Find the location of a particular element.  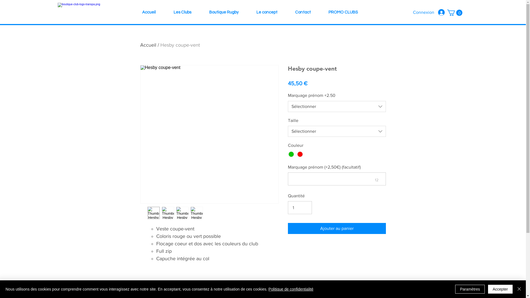

'Accueil' is located at coordinates (149, 12).